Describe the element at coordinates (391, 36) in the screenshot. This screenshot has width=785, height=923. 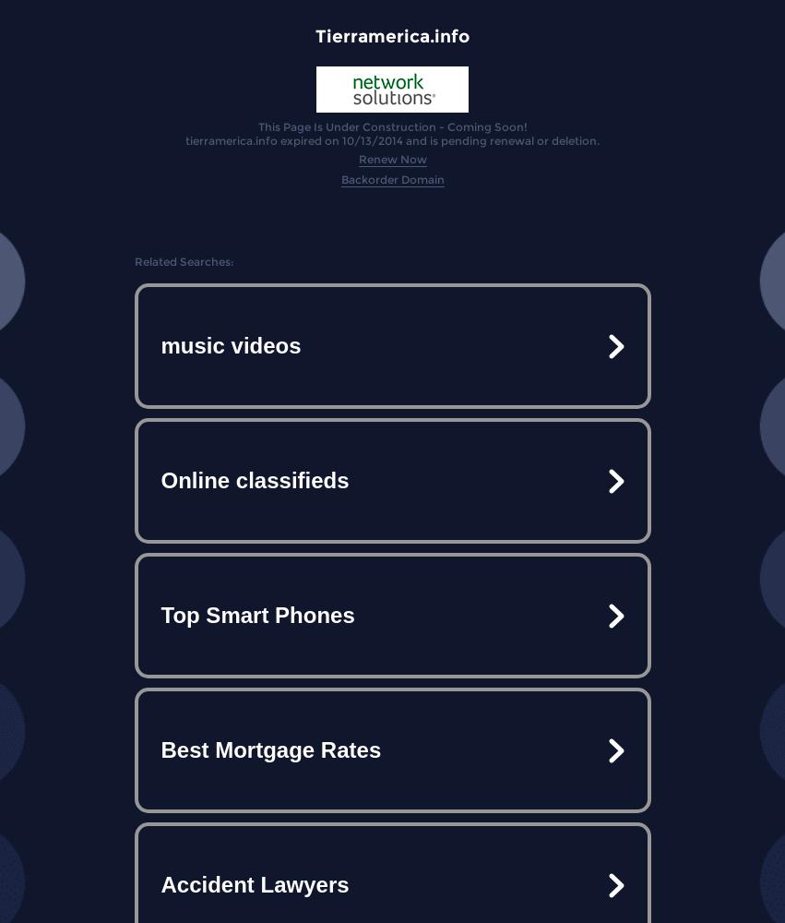
I see `'Tierramerica.info'` at that location.